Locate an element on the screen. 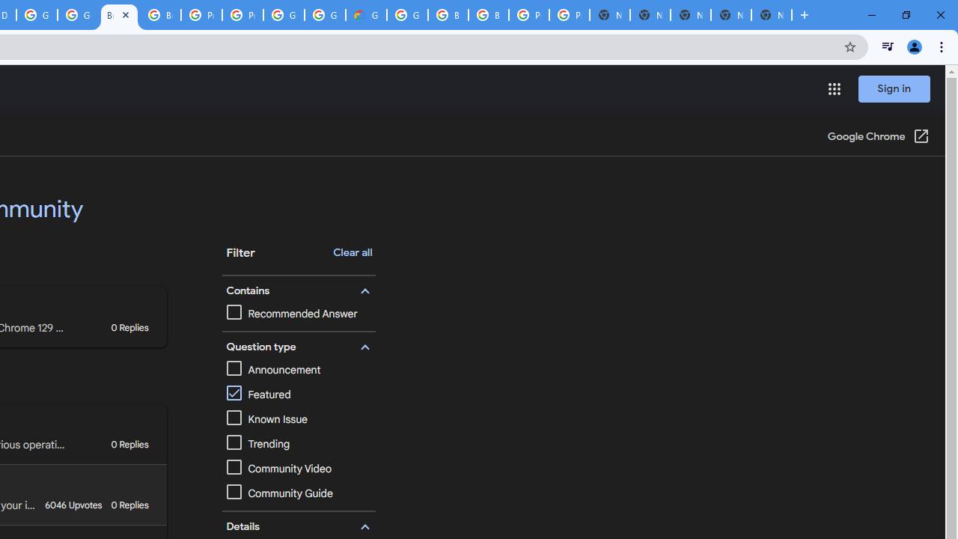 This screenshot has width=958, height=539. 'Known Issue' is located at coordinates (299, 419).